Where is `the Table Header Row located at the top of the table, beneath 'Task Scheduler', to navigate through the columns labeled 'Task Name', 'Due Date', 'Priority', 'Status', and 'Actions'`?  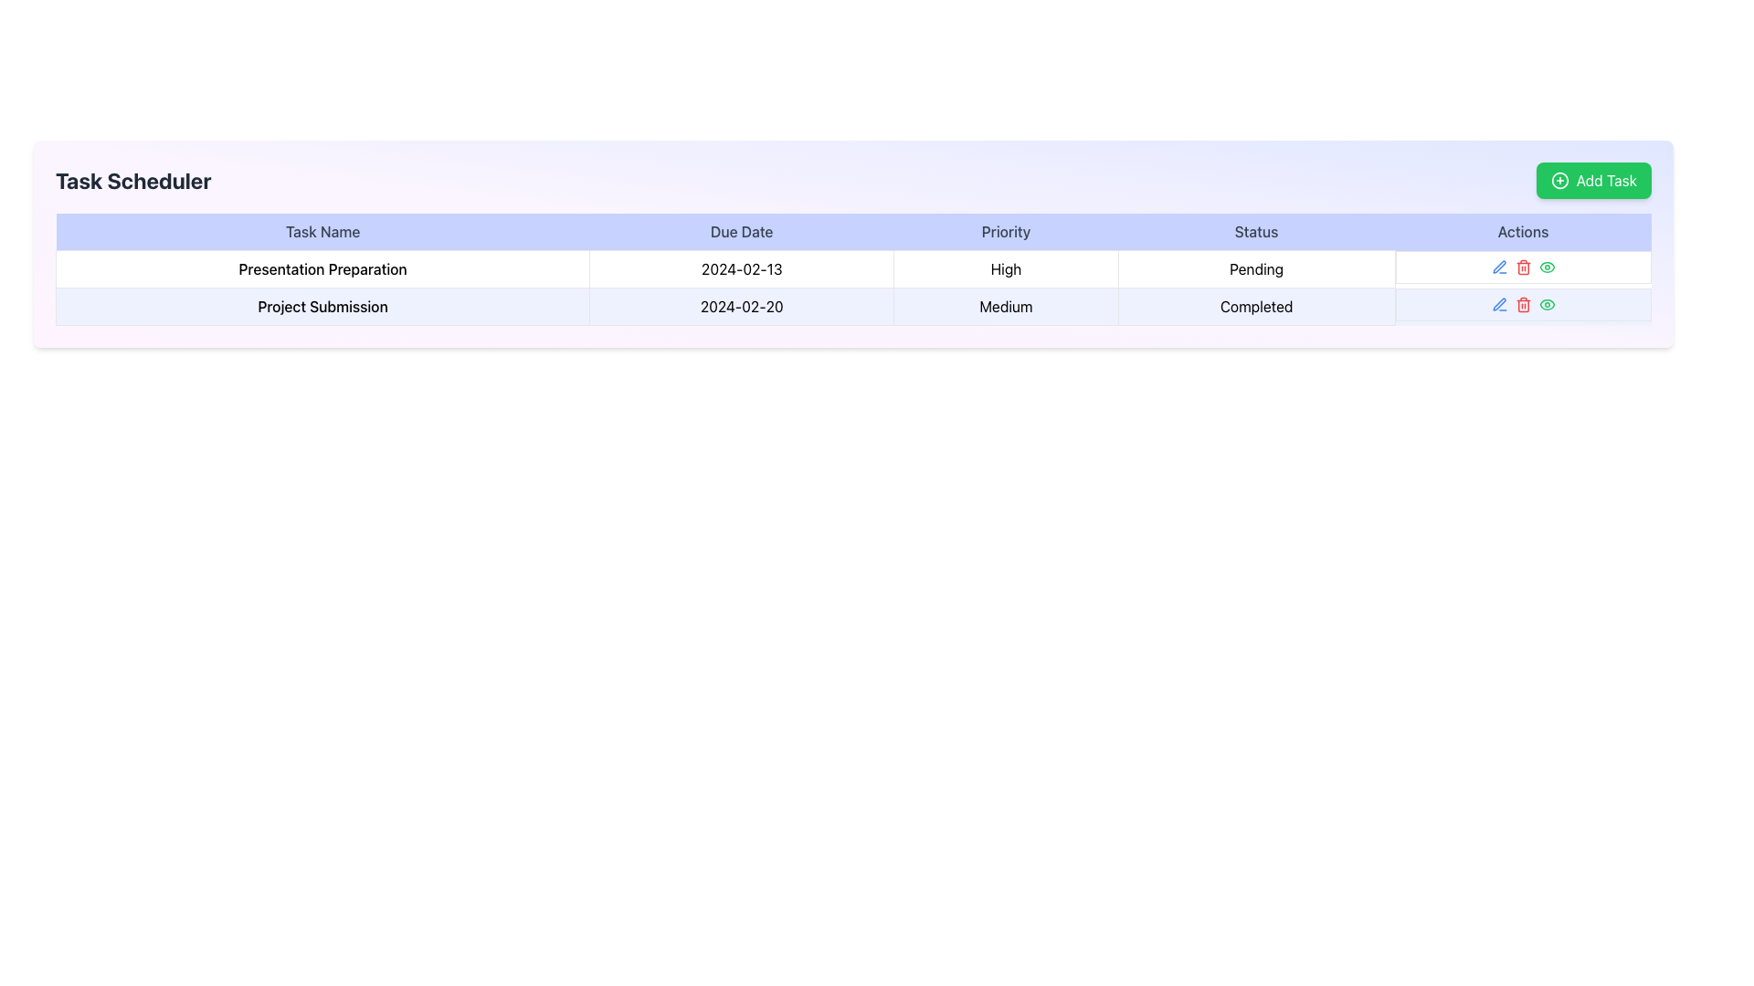
the Table Header Row located at the top of the table, beneath 'Task Scheduler', to navigate through the columns labeled 'Task Name', 'Due Date', 'Priority', 'Status', and 'Actions' is located at coordinates (852, 231).